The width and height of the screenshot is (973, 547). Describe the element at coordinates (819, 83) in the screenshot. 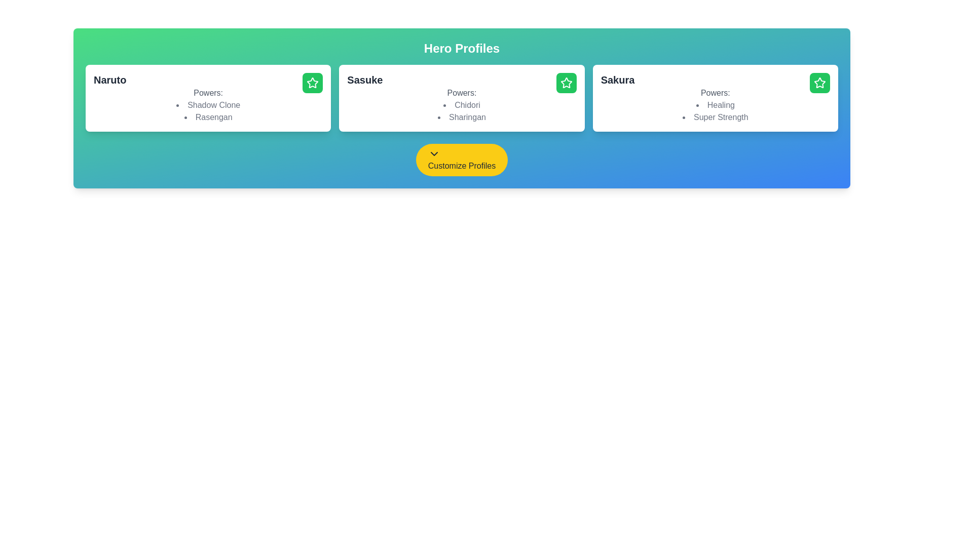

I see `the actionable button located in the top-right corner of the 'Sakura' hero card to interact with it` at that location.